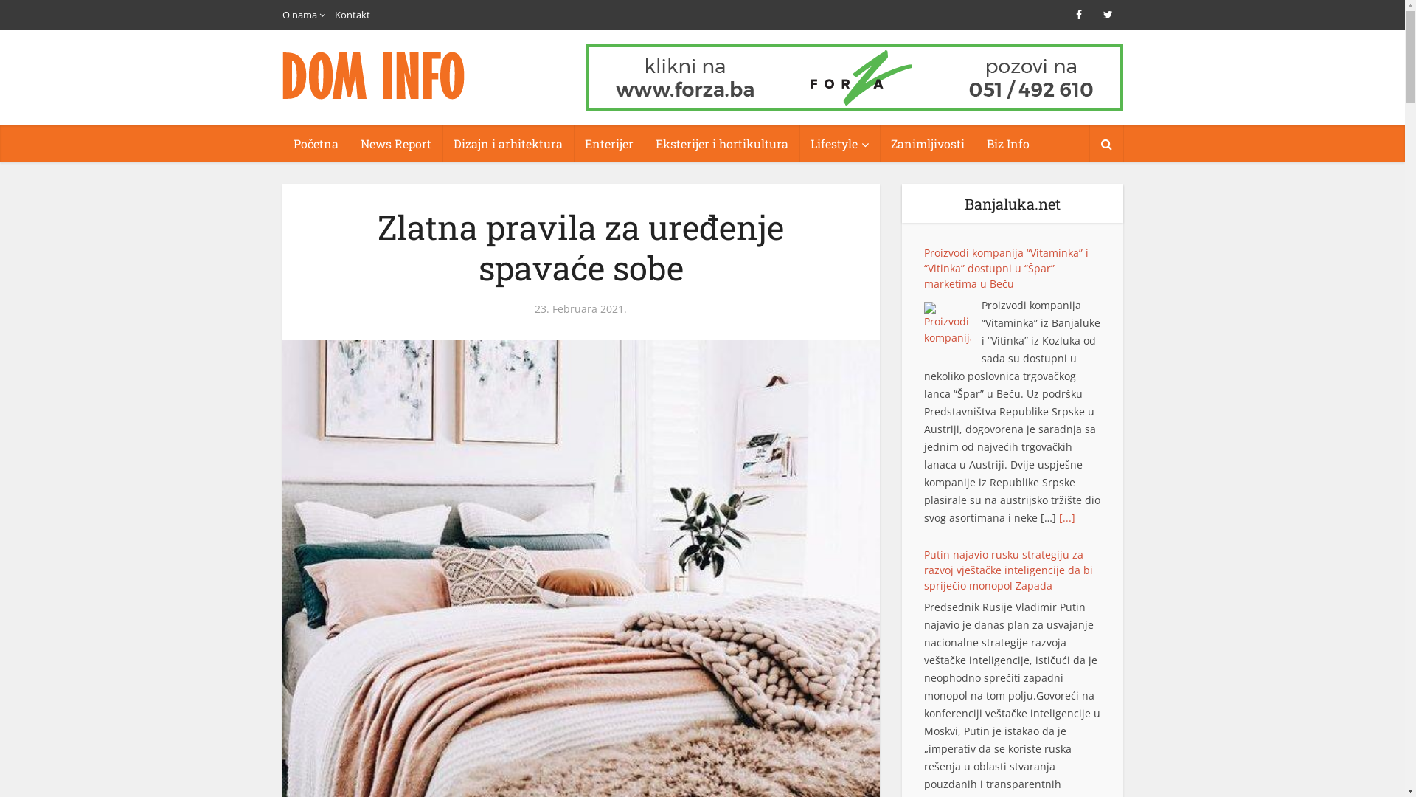  I want to click on 'DOM INFO |', so click(374, 75).